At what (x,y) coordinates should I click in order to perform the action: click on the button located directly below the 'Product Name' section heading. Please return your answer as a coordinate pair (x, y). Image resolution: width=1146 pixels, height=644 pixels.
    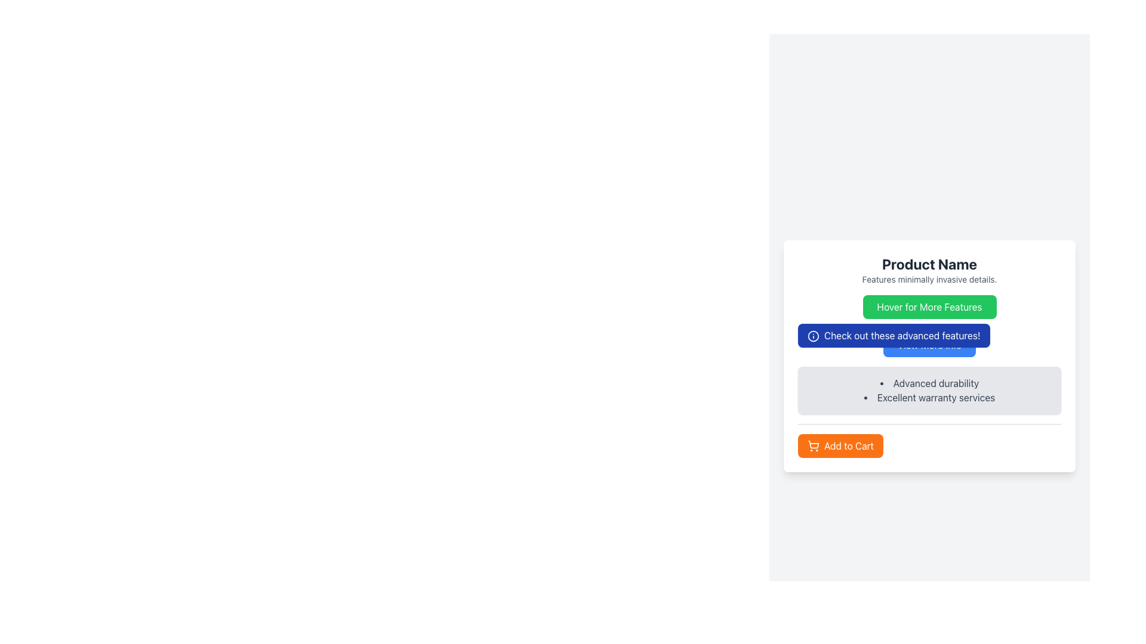
    Looking at the image, I should click on (929, 306).